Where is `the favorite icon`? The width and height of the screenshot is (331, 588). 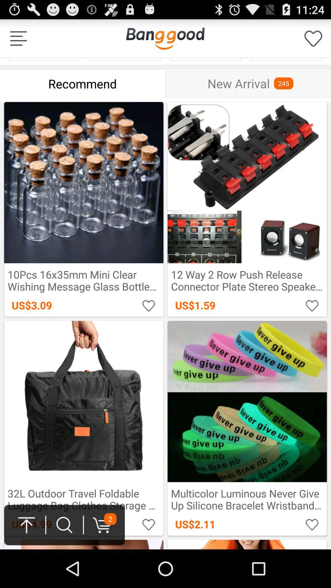 the favorite icon is located at coordinates (313, 41).